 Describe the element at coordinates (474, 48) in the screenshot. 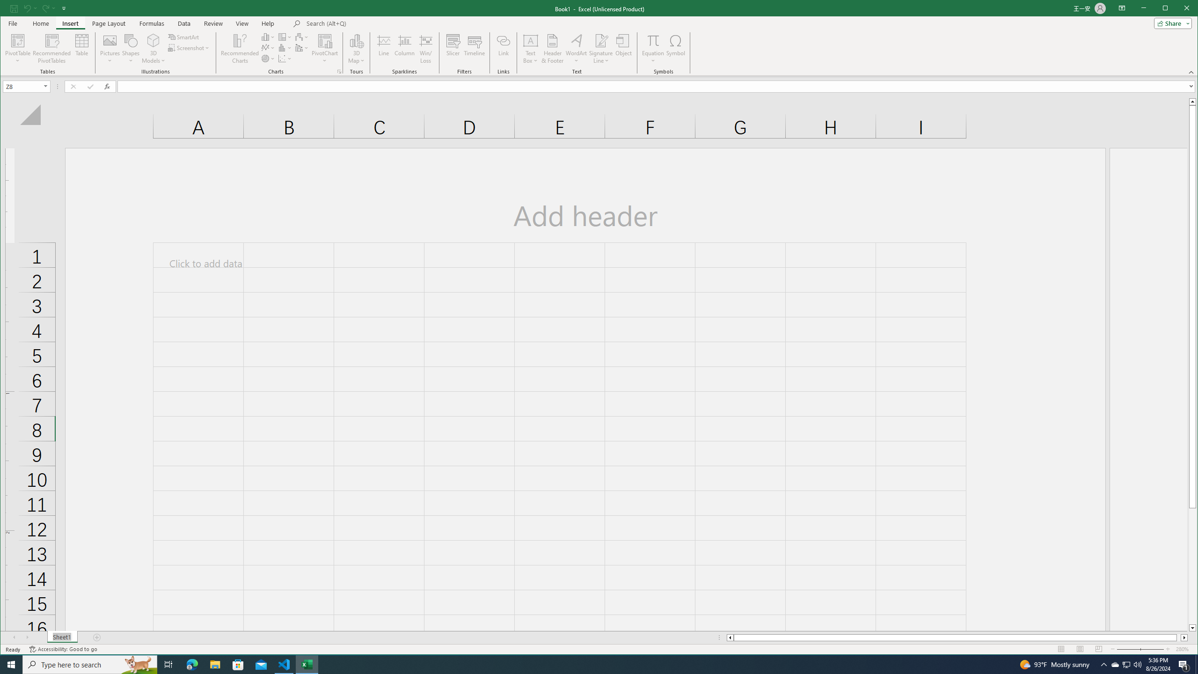

I see `'Timeline'` at that location.